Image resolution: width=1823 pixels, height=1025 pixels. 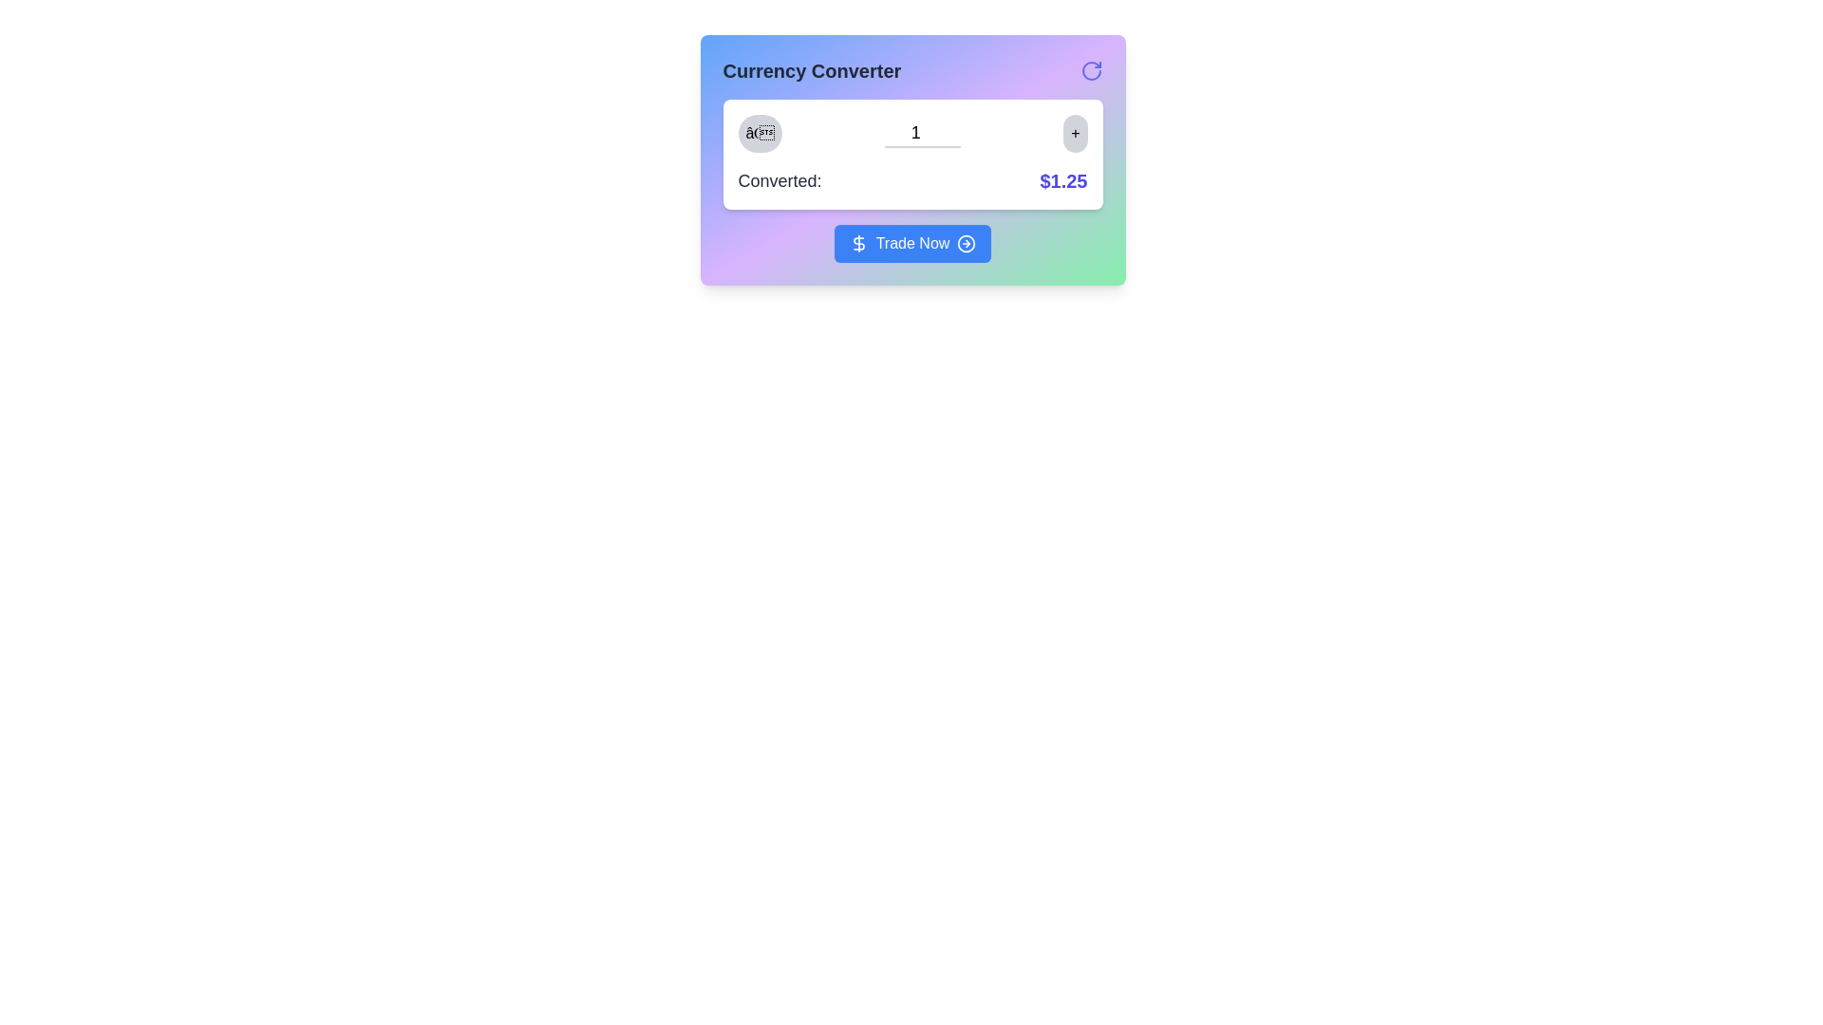 What do you see at coordinates (1075, 133) in the screenshot?
I see `the increment button located at the far-right end of the quantity adjustment section to increase the numerical value in the adjacent input field` at bounding box center [1075, 133].